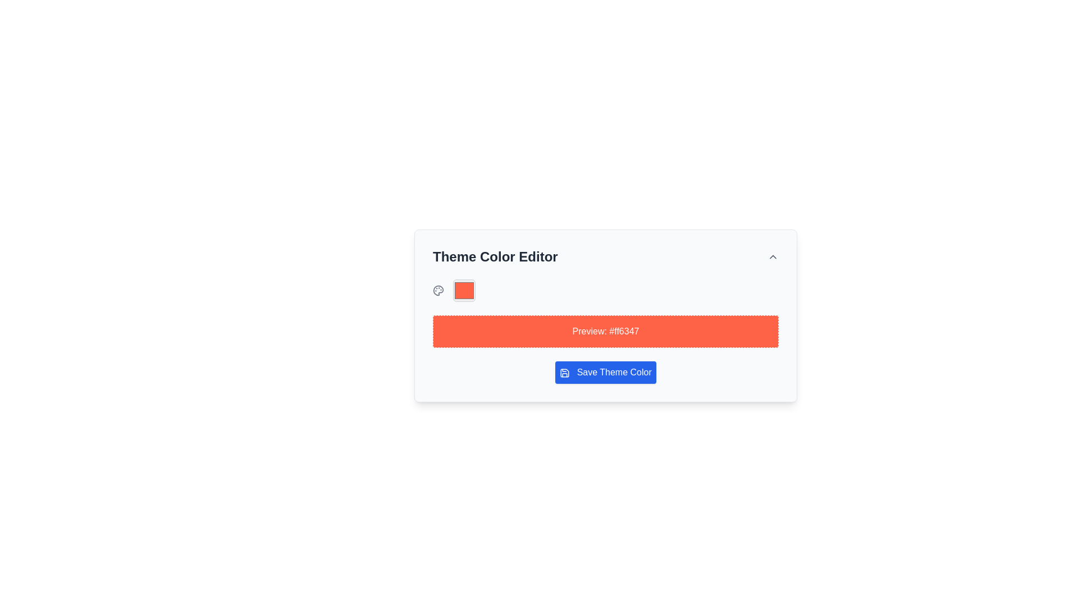 This screenshot has height=606, width=1078. I want to click on the folder-like icon with rounded top corner in the Theme Color Editor interface, located adjacent to the 'Save Theme Color' button, so click(565, 373).